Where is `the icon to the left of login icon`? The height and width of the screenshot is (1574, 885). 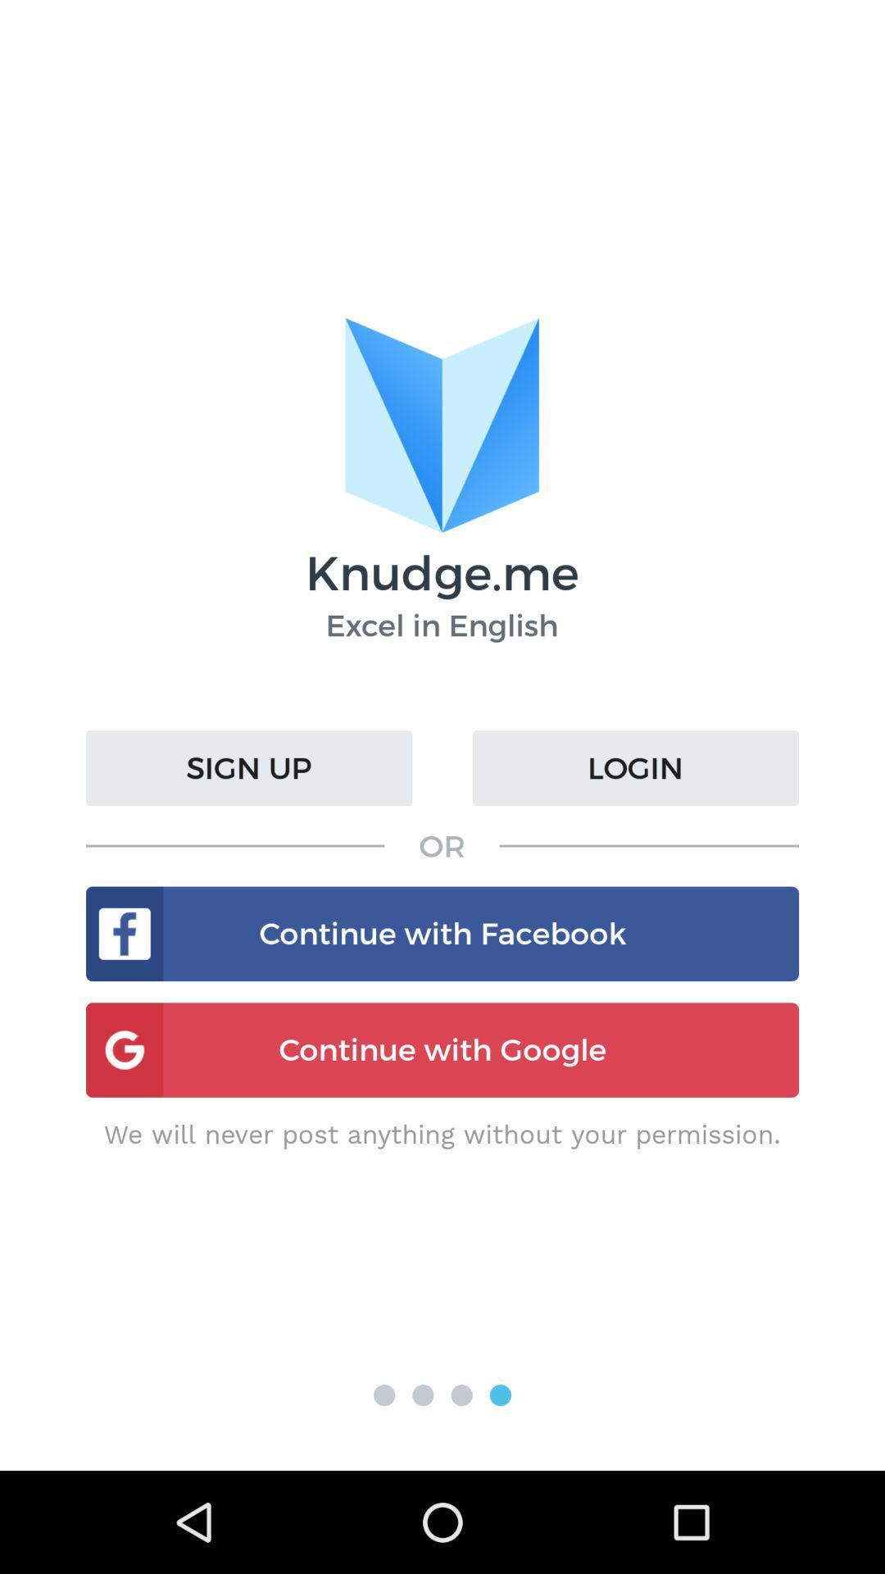
the icon to the left of login icon is located at coordinates (249, 767).